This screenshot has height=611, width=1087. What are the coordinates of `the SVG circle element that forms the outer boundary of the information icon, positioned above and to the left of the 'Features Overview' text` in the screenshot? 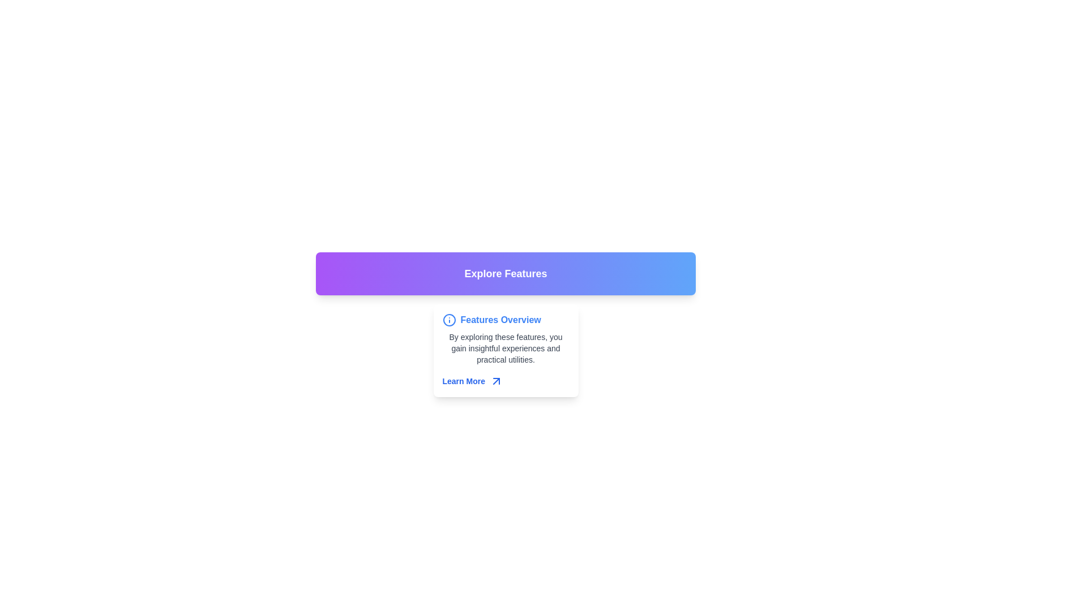 It's located at (448, 320).